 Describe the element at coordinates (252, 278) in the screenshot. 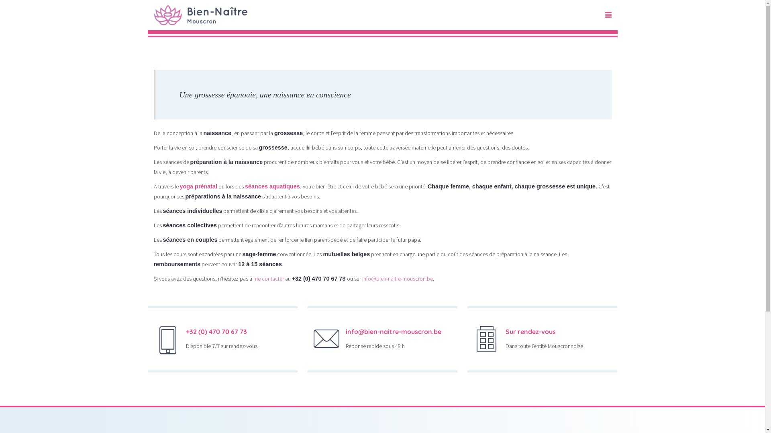

I see `'me contacter'` at that location.